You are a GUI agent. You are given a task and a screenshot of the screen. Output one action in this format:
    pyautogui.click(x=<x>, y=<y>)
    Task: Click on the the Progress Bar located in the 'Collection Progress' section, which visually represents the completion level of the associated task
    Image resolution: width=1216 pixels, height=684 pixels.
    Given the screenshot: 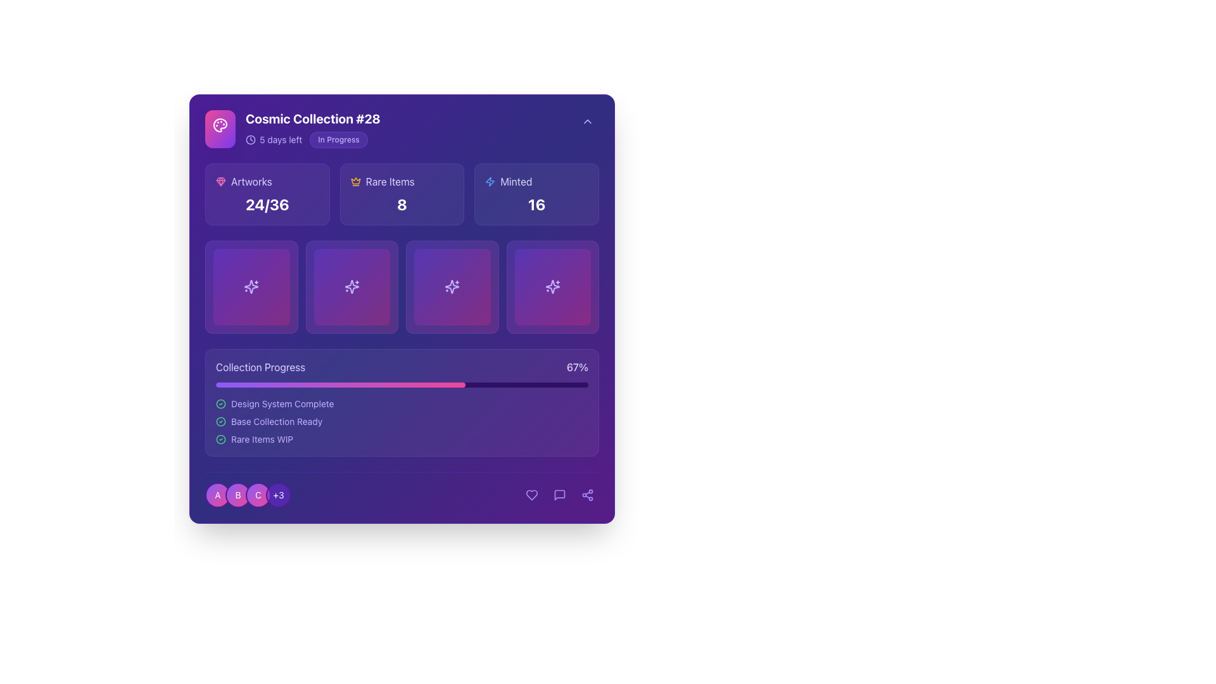 What is the action you would take?
    pyautogui.click(x=401, y=384)
    